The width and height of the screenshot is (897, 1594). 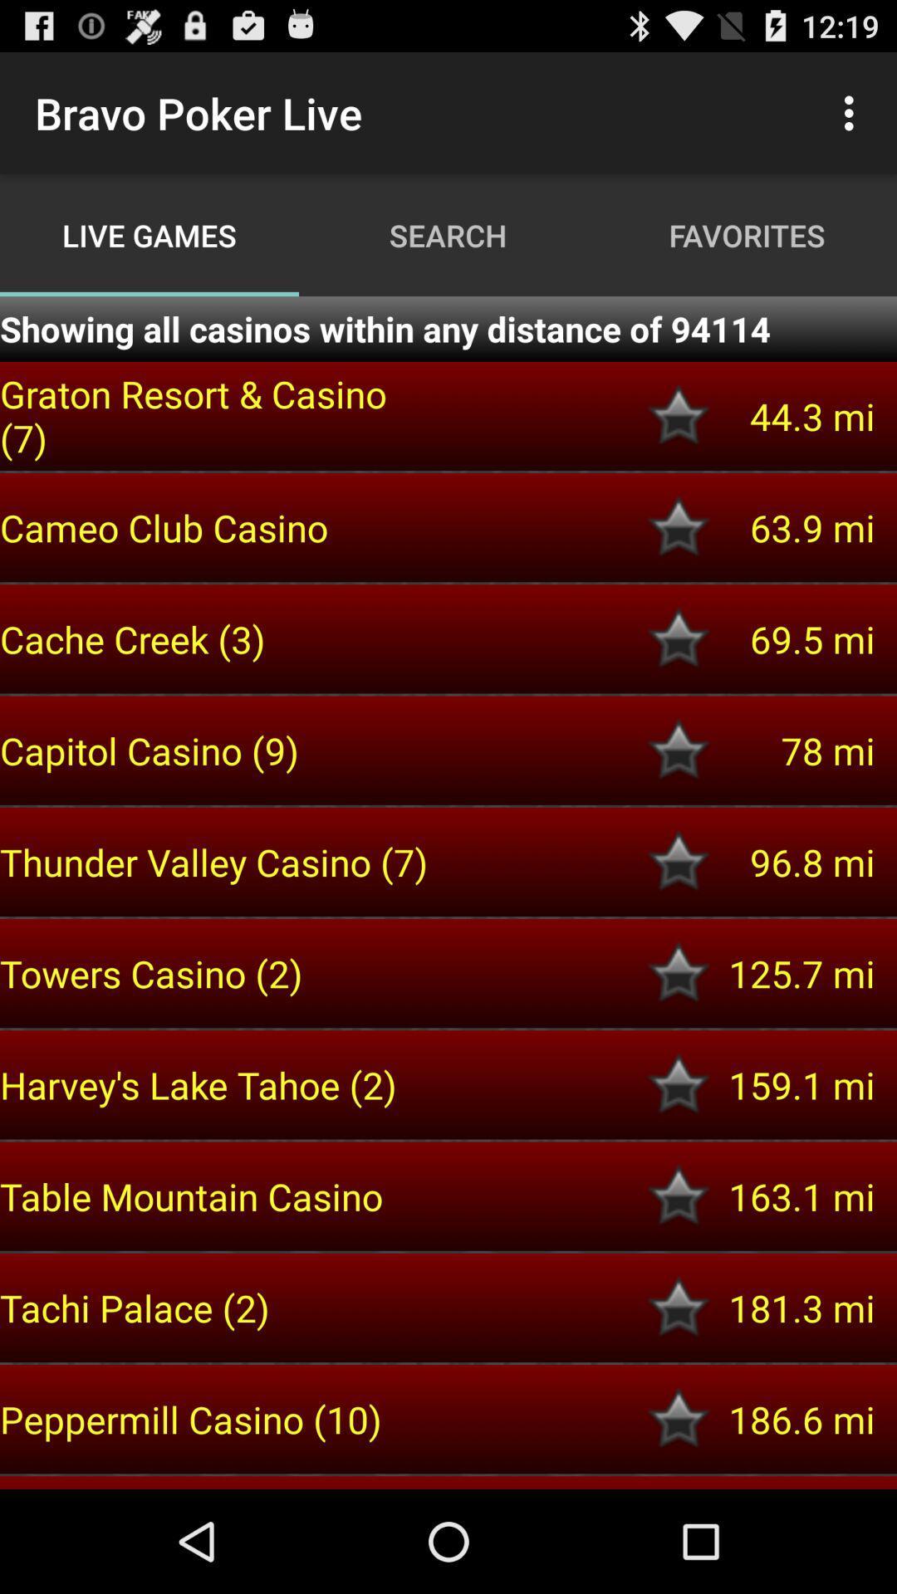 I want to click on as favorite, so click(x=679, y=973).